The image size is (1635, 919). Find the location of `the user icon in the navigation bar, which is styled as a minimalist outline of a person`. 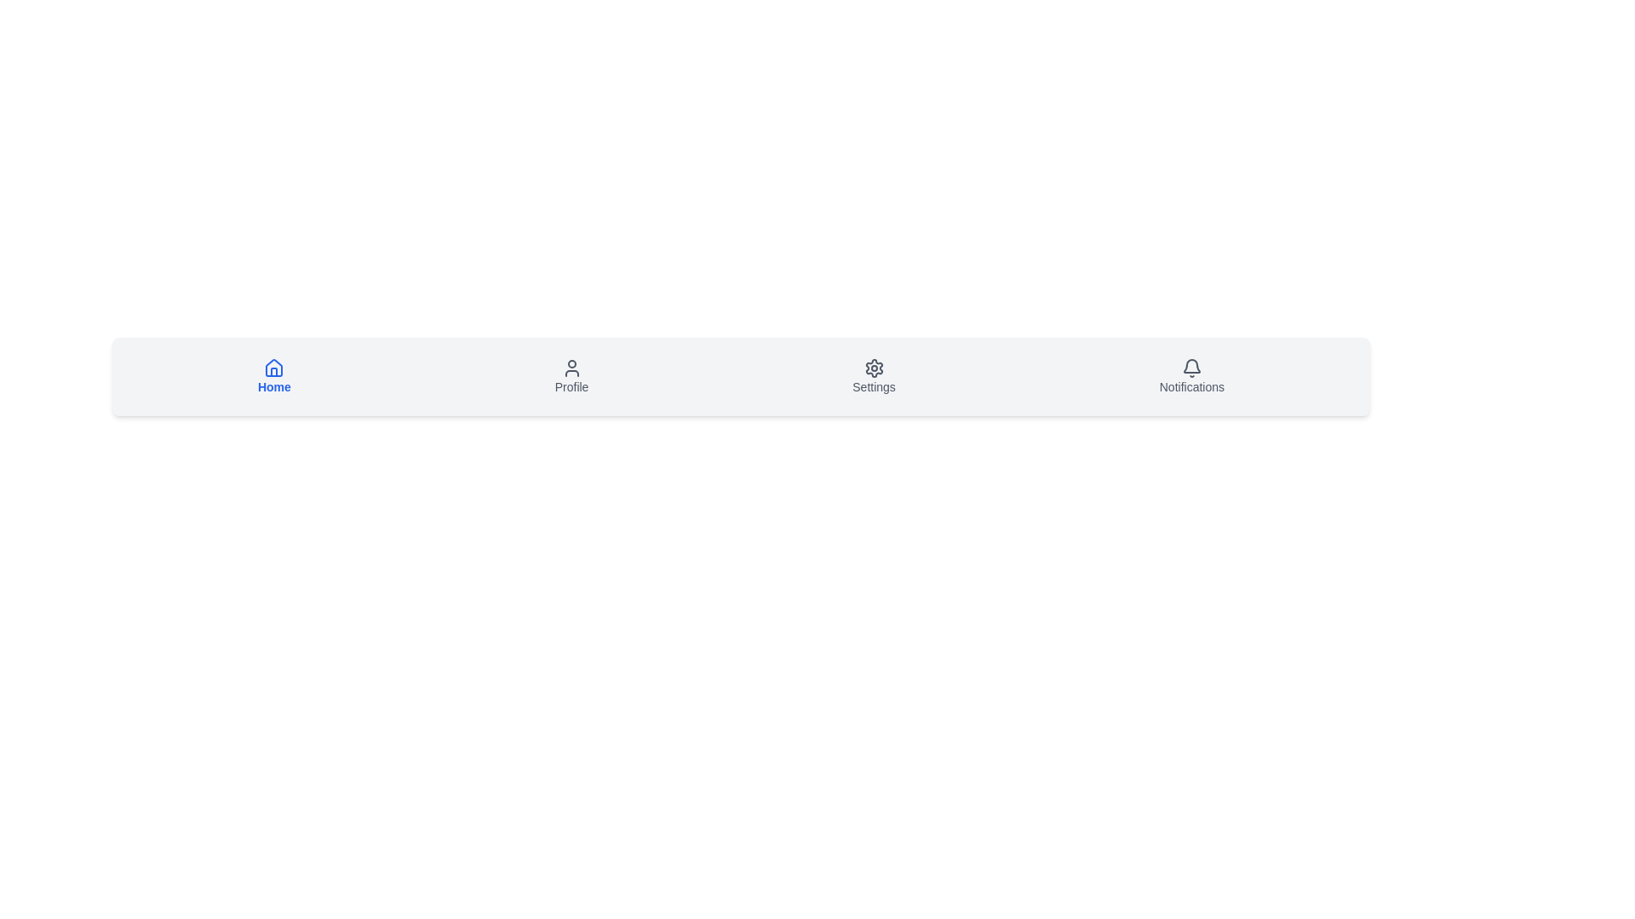

the user icon in the navigation bar, which is styled as a minimalist outline of a person is located at coordinates (571, 367).